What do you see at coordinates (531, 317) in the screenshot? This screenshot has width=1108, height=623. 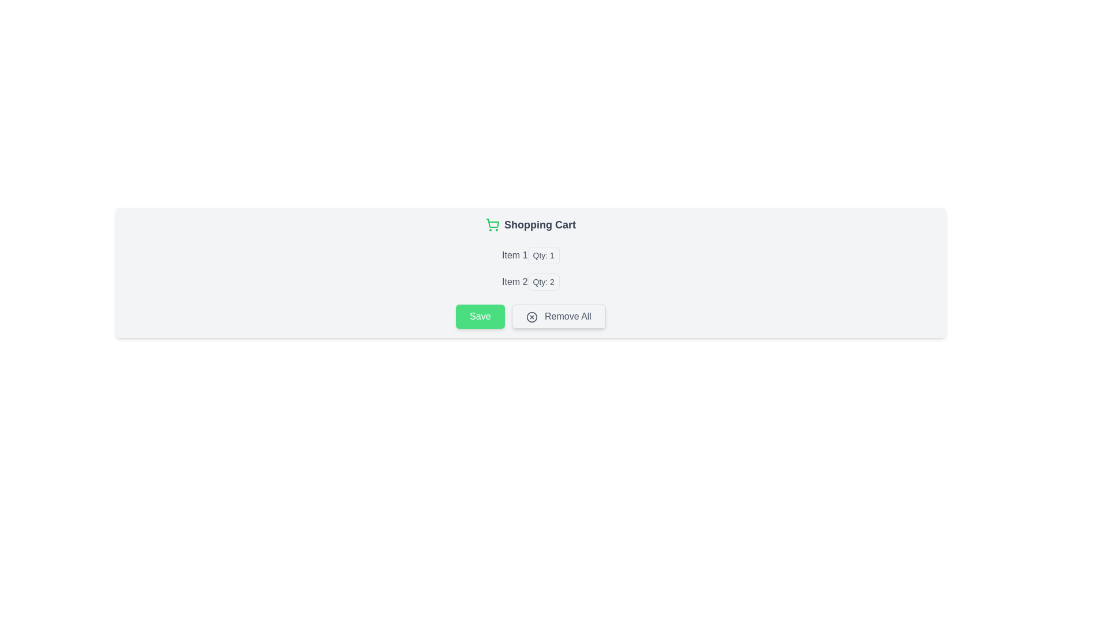 I see `the circular cancel icon with a cross mark inside, located on the left side of the 'Remove All' button` at bounding box center [531, 317].